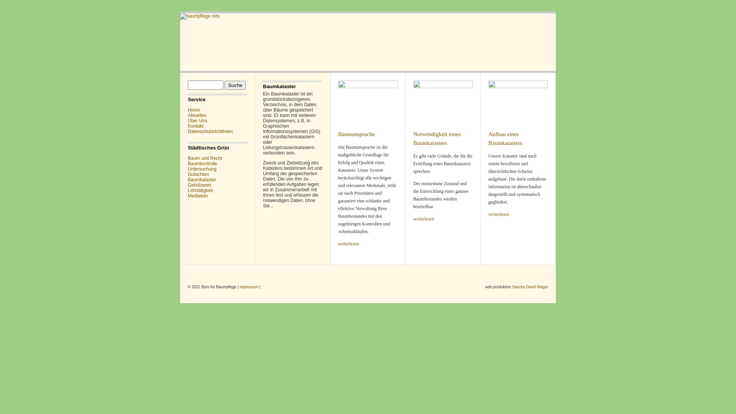  I want to click on 'Sascha David Rieger', so click(529, 287).